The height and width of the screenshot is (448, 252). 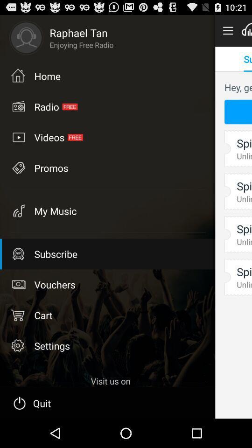 I want to click on the video icon, so click(x=18, y=137).